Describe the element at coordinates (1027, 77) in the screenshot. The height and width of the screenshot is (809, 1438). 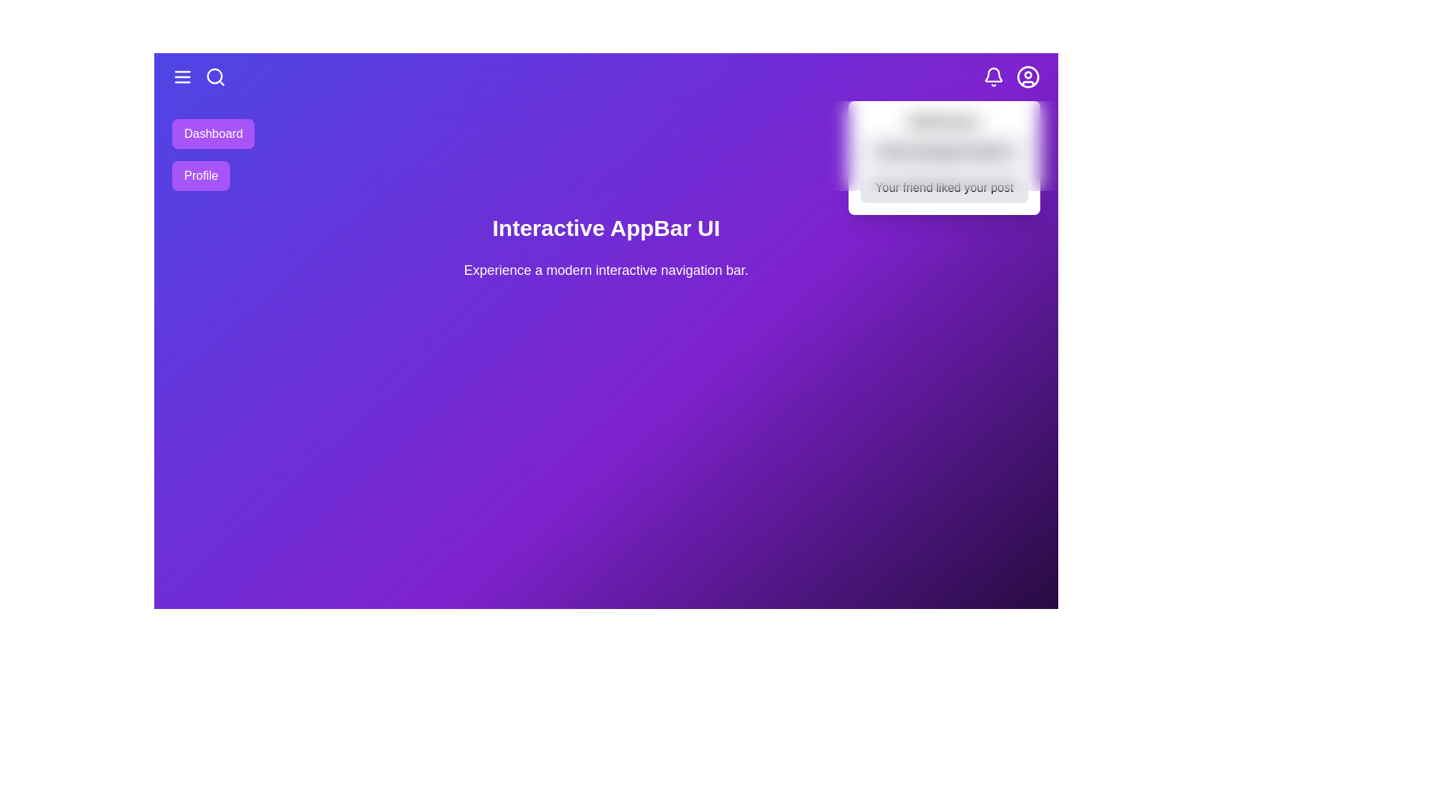
I see `the user icon to view user options` at that location.